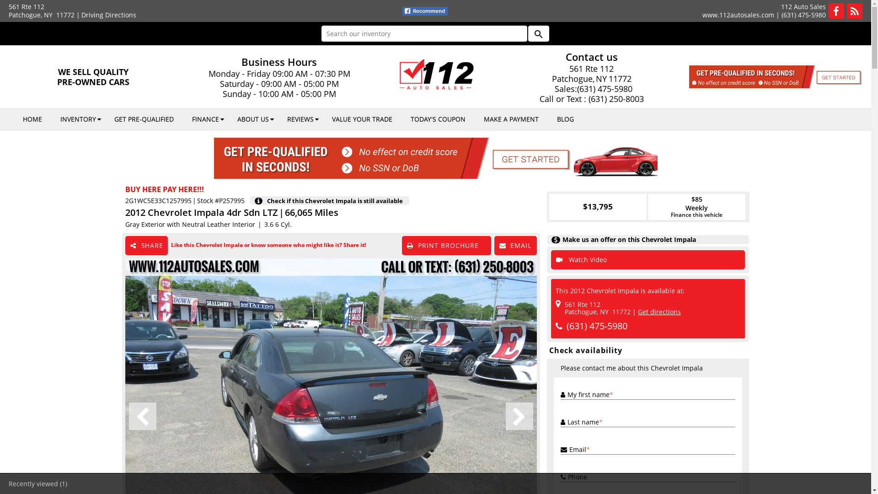 This screenshot has height=494, width=878. I want to click on 'Sales:(631) 475-5980', so click(592, 88).